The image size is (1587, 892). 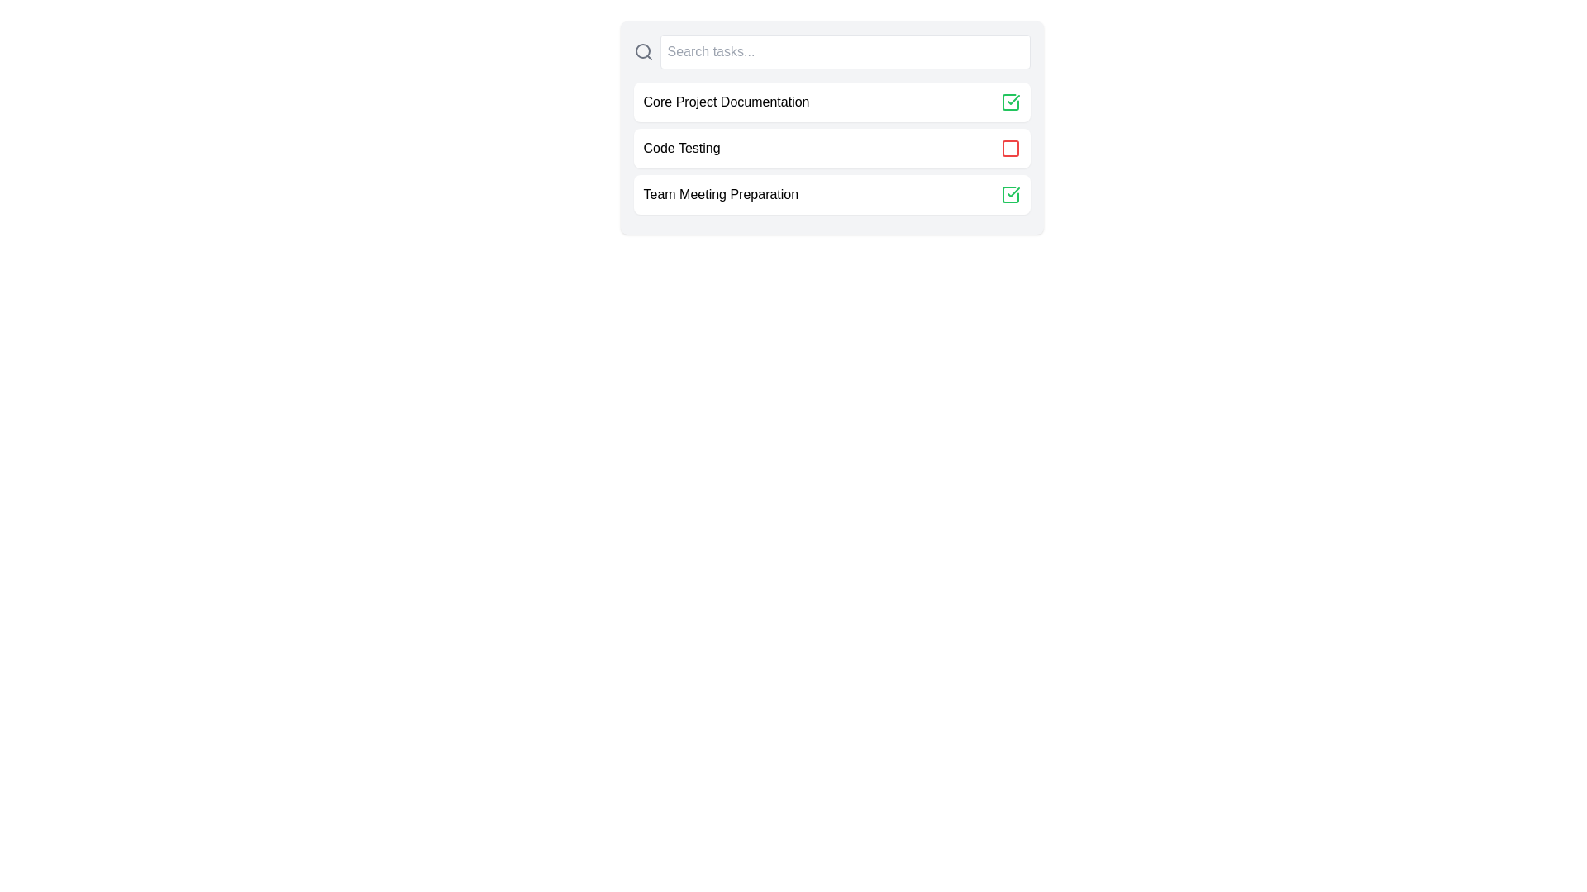 I want to click on the task Core Project Documentation to view its hover effect, so click(x=832, y=102).